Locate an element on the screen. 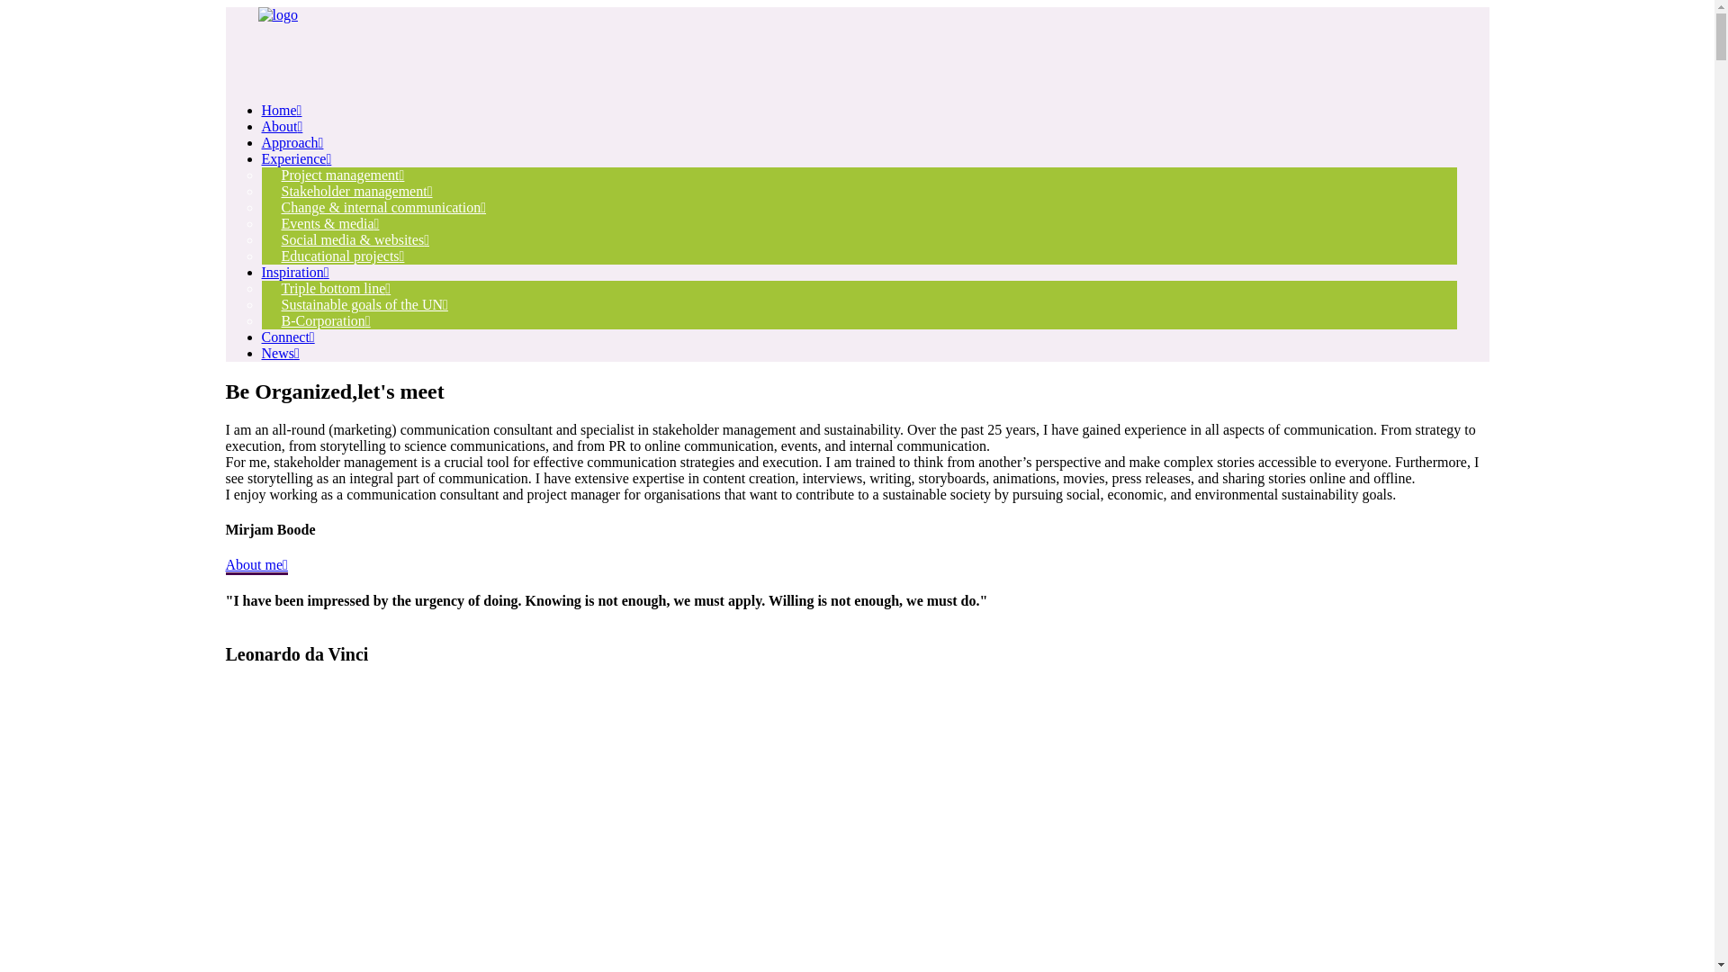 The width and height of the screenshot is (1728, 972). 'Change & internal communication' is located at coordinates (382, 206).